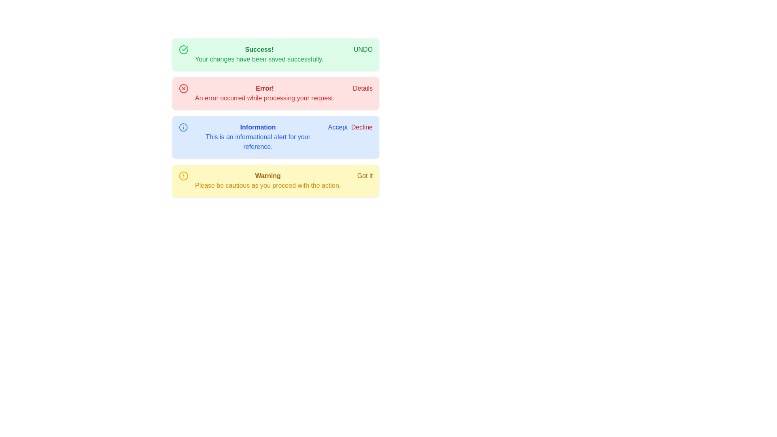  I want to click on the title label of the success notification, which is located at the top of a light green notification box, above the text 'Your changes have been saved successfully.' and to the left of 'UNDO', so click(259, 50).